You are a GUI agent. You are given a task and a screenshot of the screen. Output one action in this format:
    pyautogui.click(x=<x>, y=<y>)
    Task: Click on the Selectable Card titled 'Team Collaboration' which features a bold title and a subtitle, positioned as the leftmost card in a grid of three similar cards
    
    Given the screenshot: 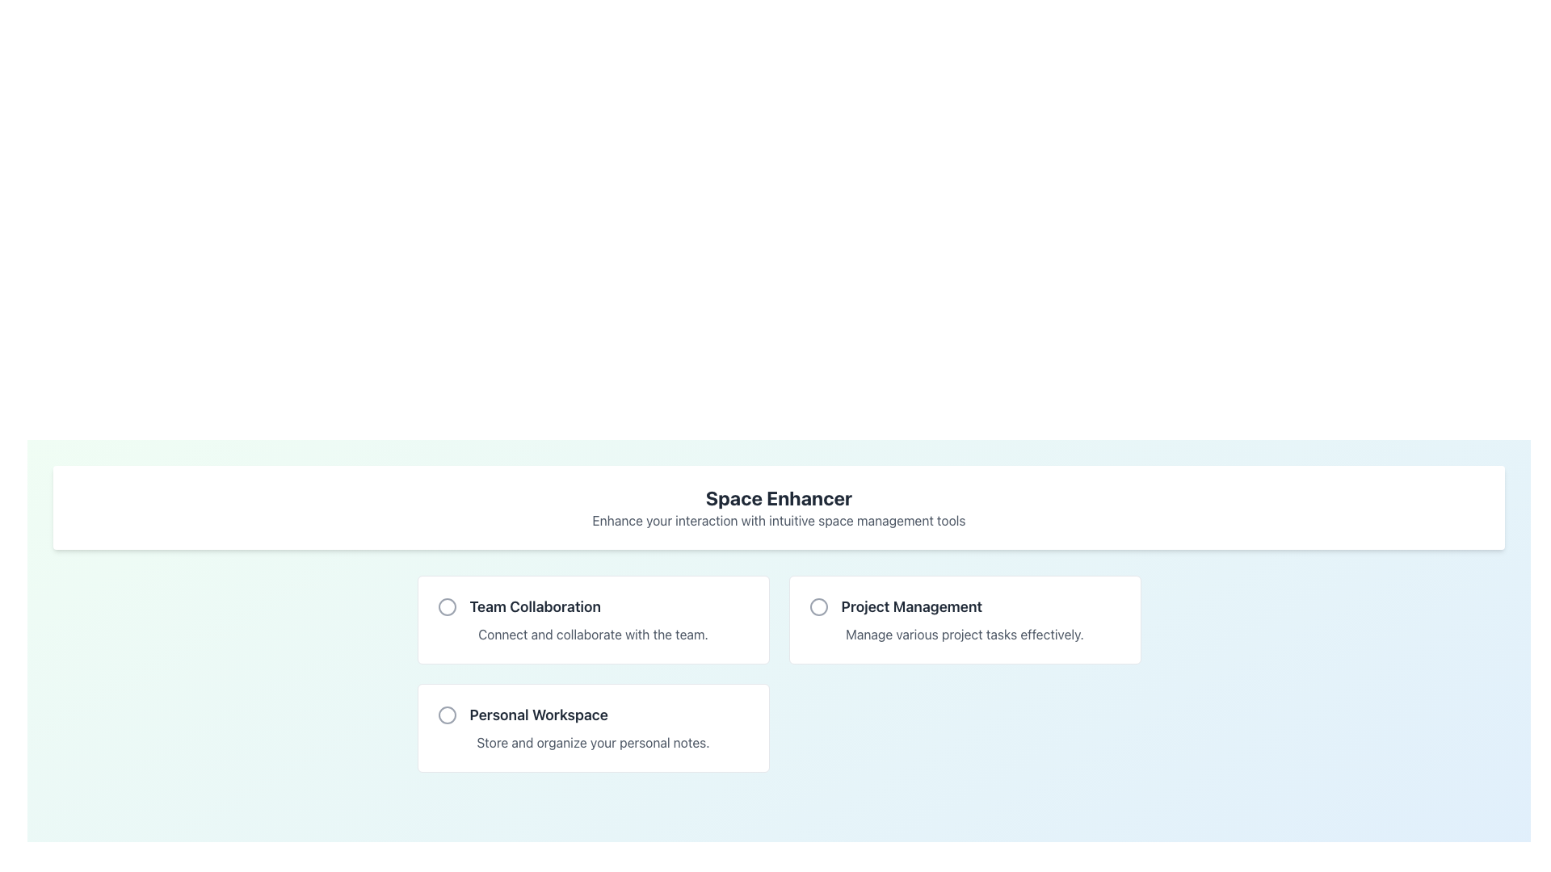 What is the action you would take?
    pyautogui.click(x=592, y=618)
    